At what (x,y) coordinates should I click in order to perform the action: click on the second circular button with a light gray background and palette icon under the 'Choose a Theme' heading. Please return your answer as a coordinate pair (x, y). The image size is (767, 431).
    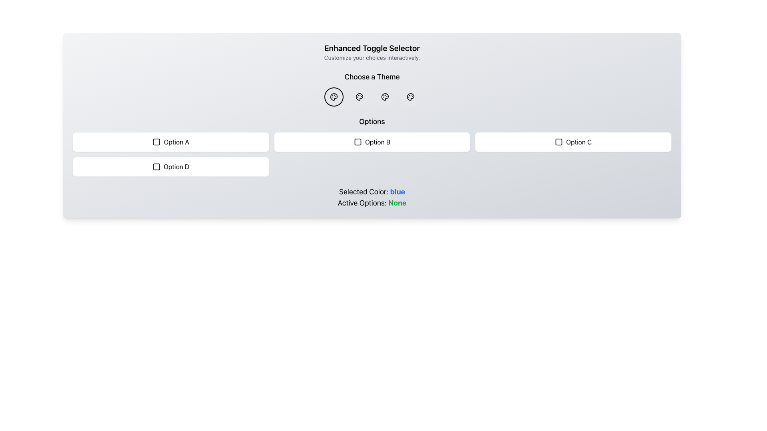
    Looking at the image, I should click on (359, 97).